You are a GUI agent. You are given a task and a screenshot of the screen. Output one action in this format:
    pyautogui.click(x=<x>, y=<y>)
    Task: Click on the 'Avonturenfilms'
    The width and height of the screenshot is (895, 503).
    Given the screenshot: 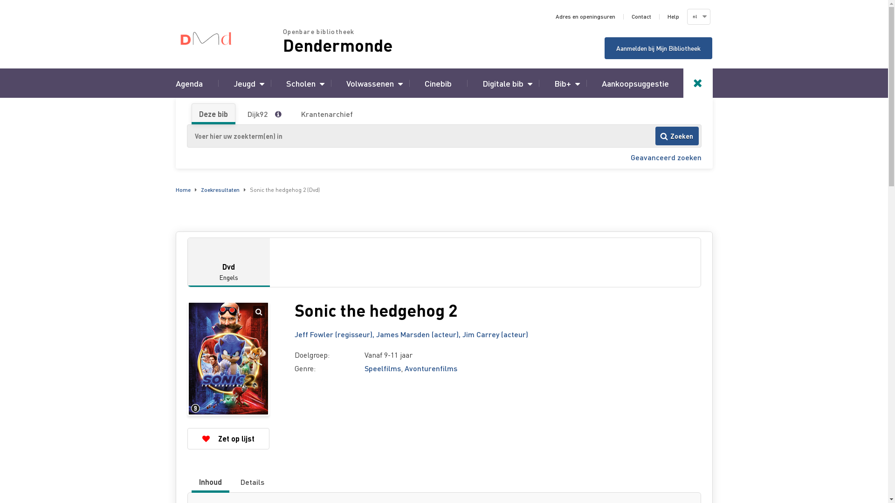 What is the action you would take?
    pyautogui.click(x=405, y=367)
    